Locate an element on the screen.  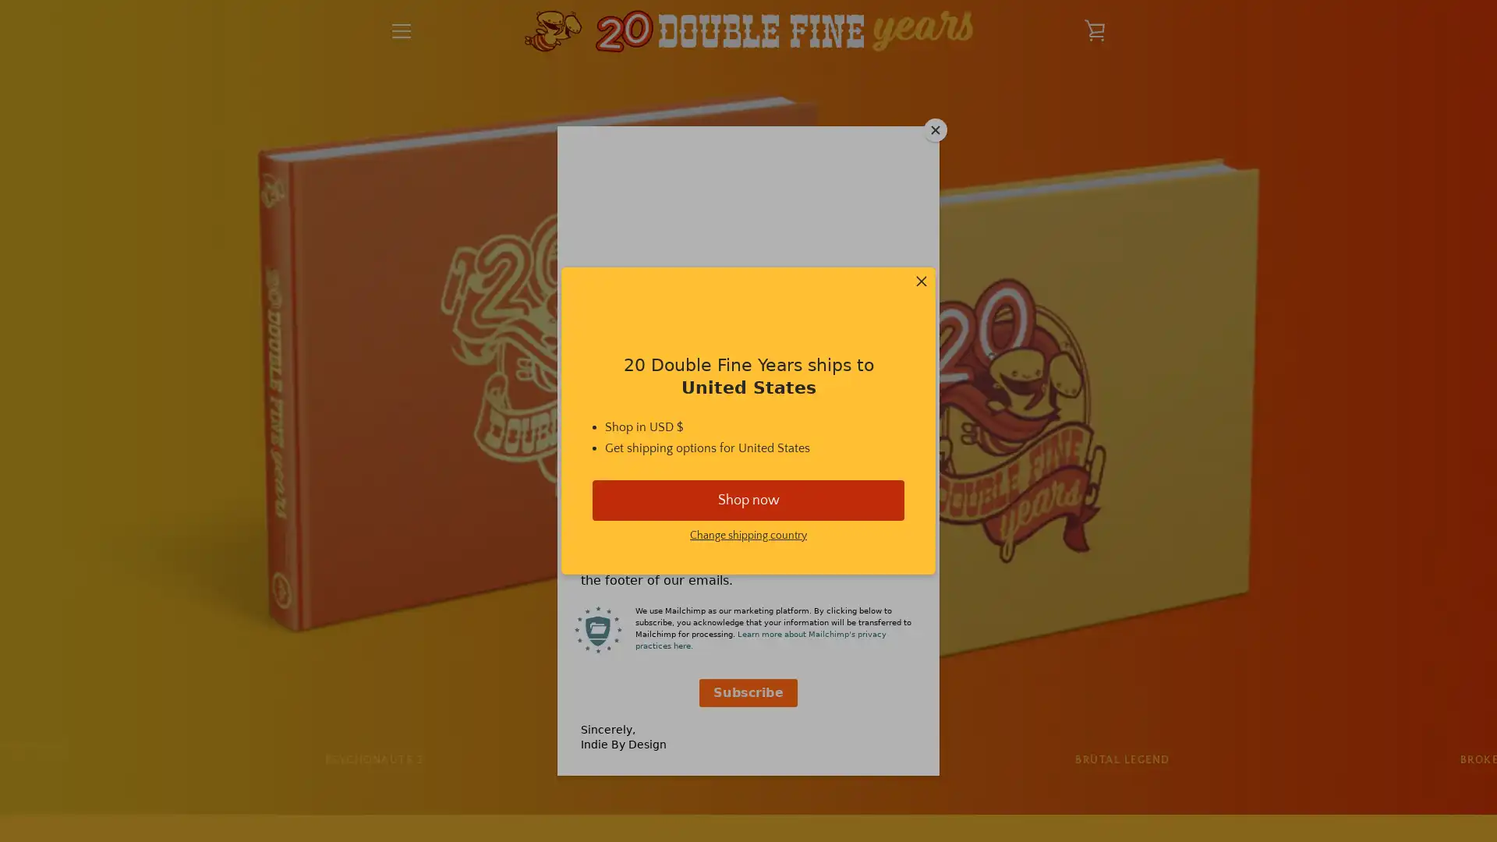
SLIDE 4 BRUTAL LEGEND is located at coordinates (1121, 759).